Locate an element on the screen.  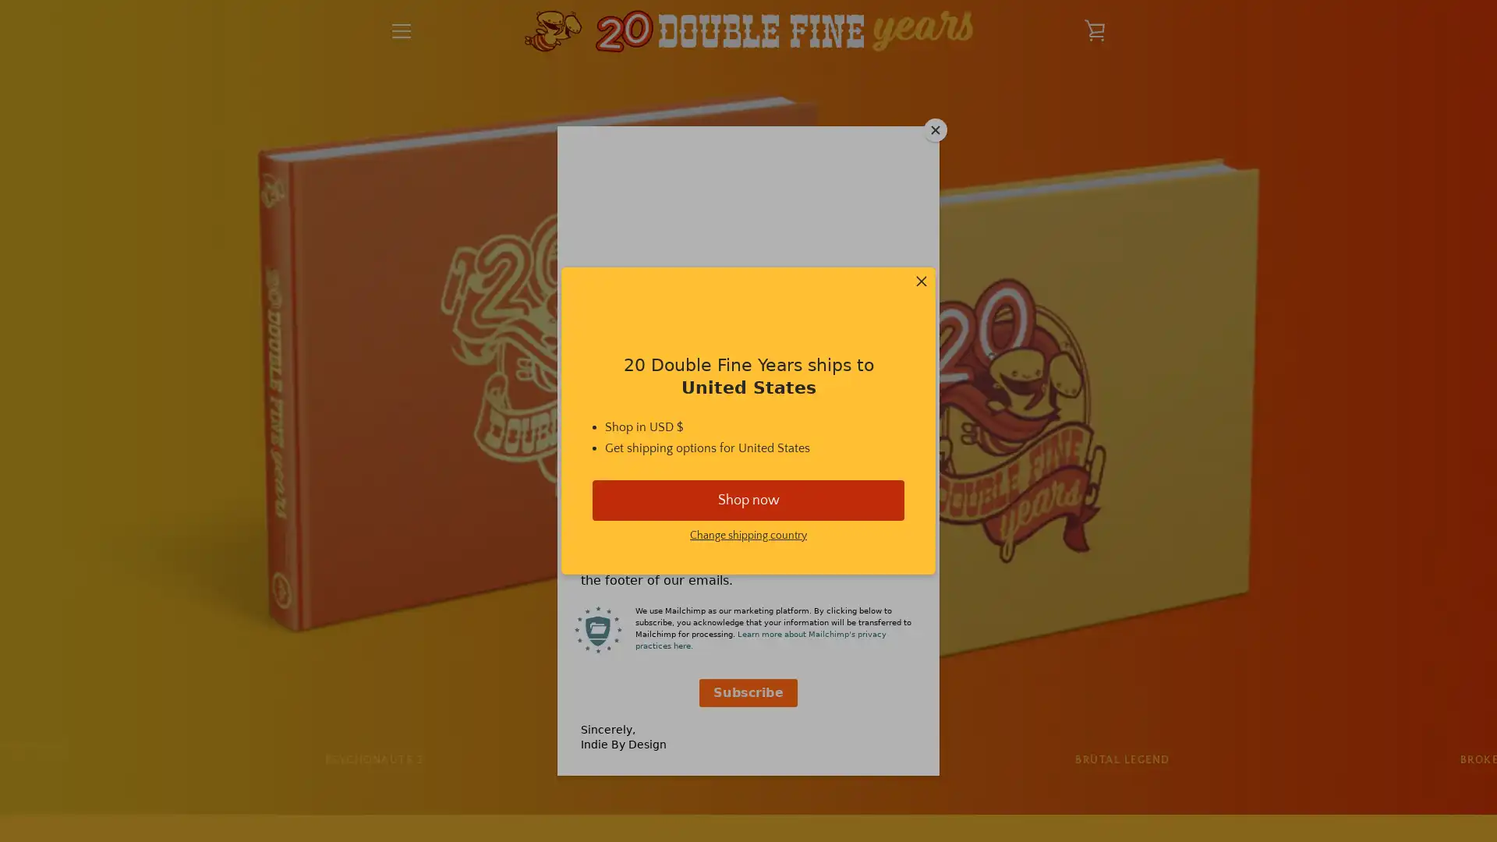
SLIDE 4 BRUTAL LEGEND is located at coordinates (1121, 759).